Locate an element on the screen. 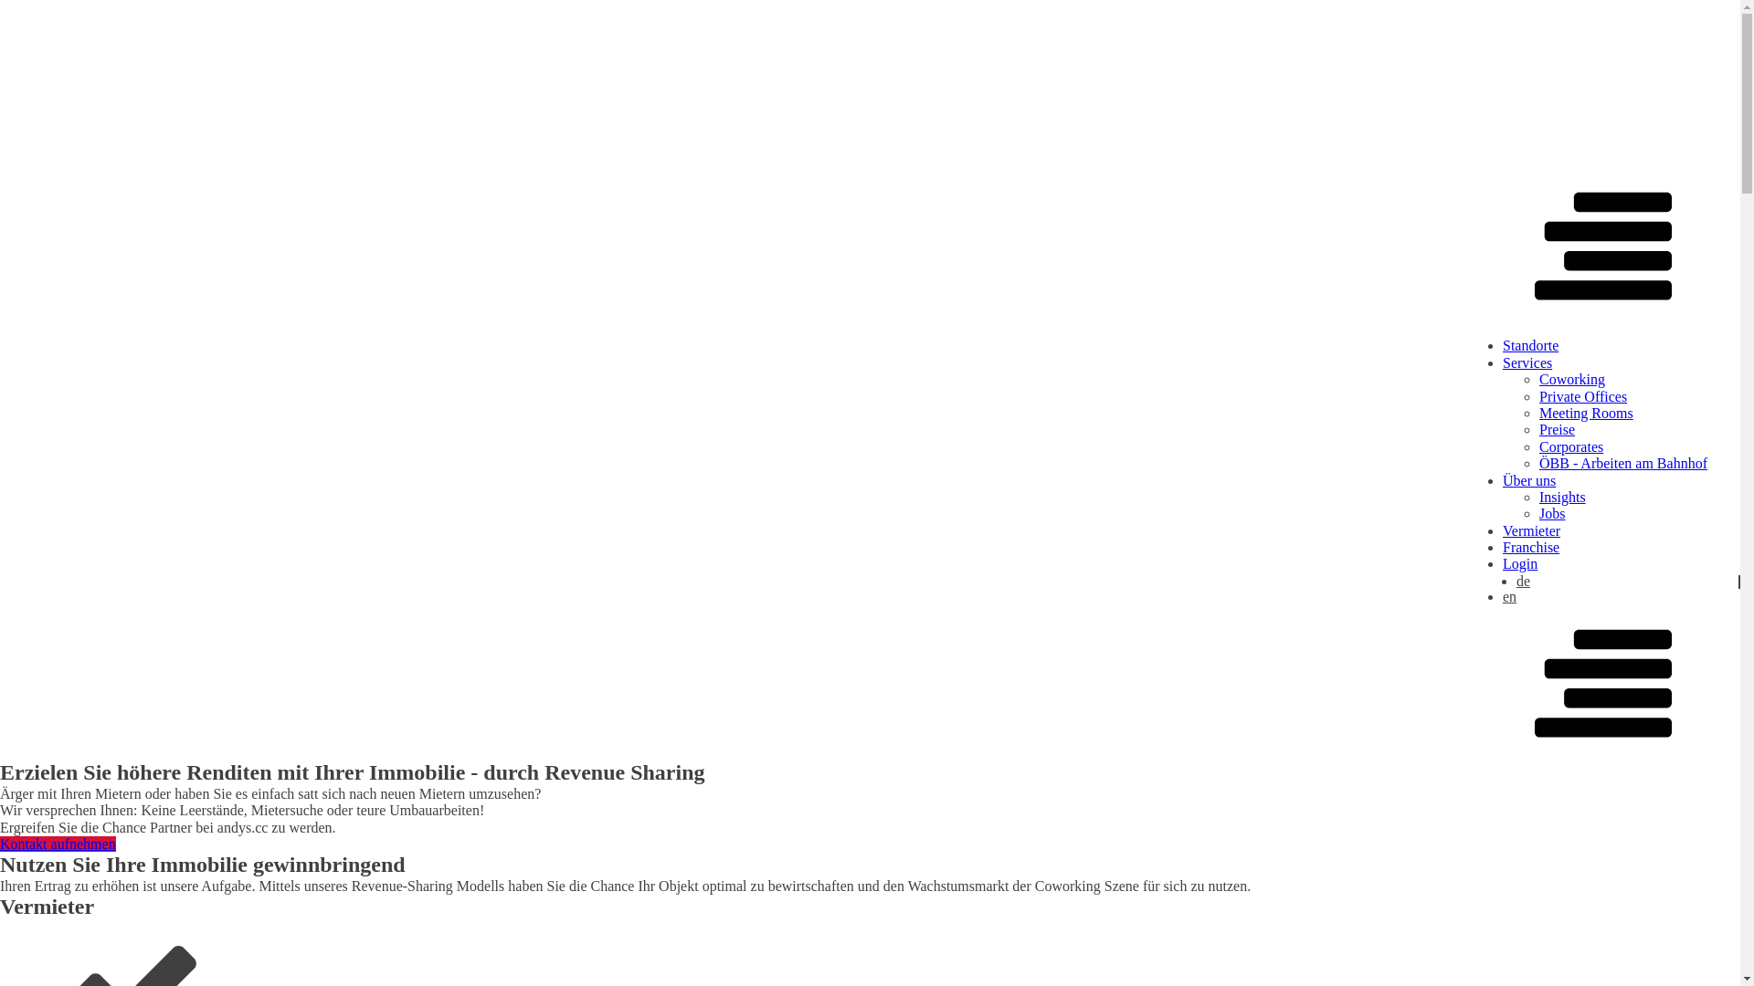  'Franchise' is located at coordinates (1530, 546).